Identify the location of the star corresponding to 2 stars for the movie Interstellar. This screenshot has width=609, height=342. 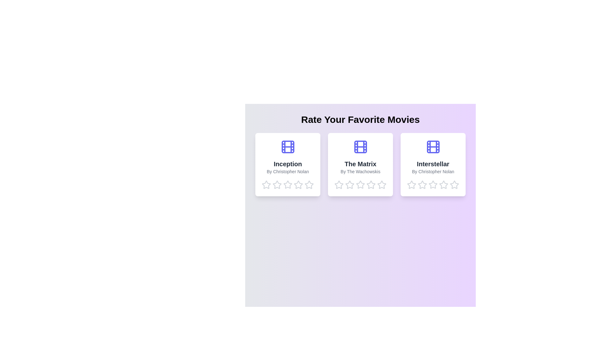
(422, 185).